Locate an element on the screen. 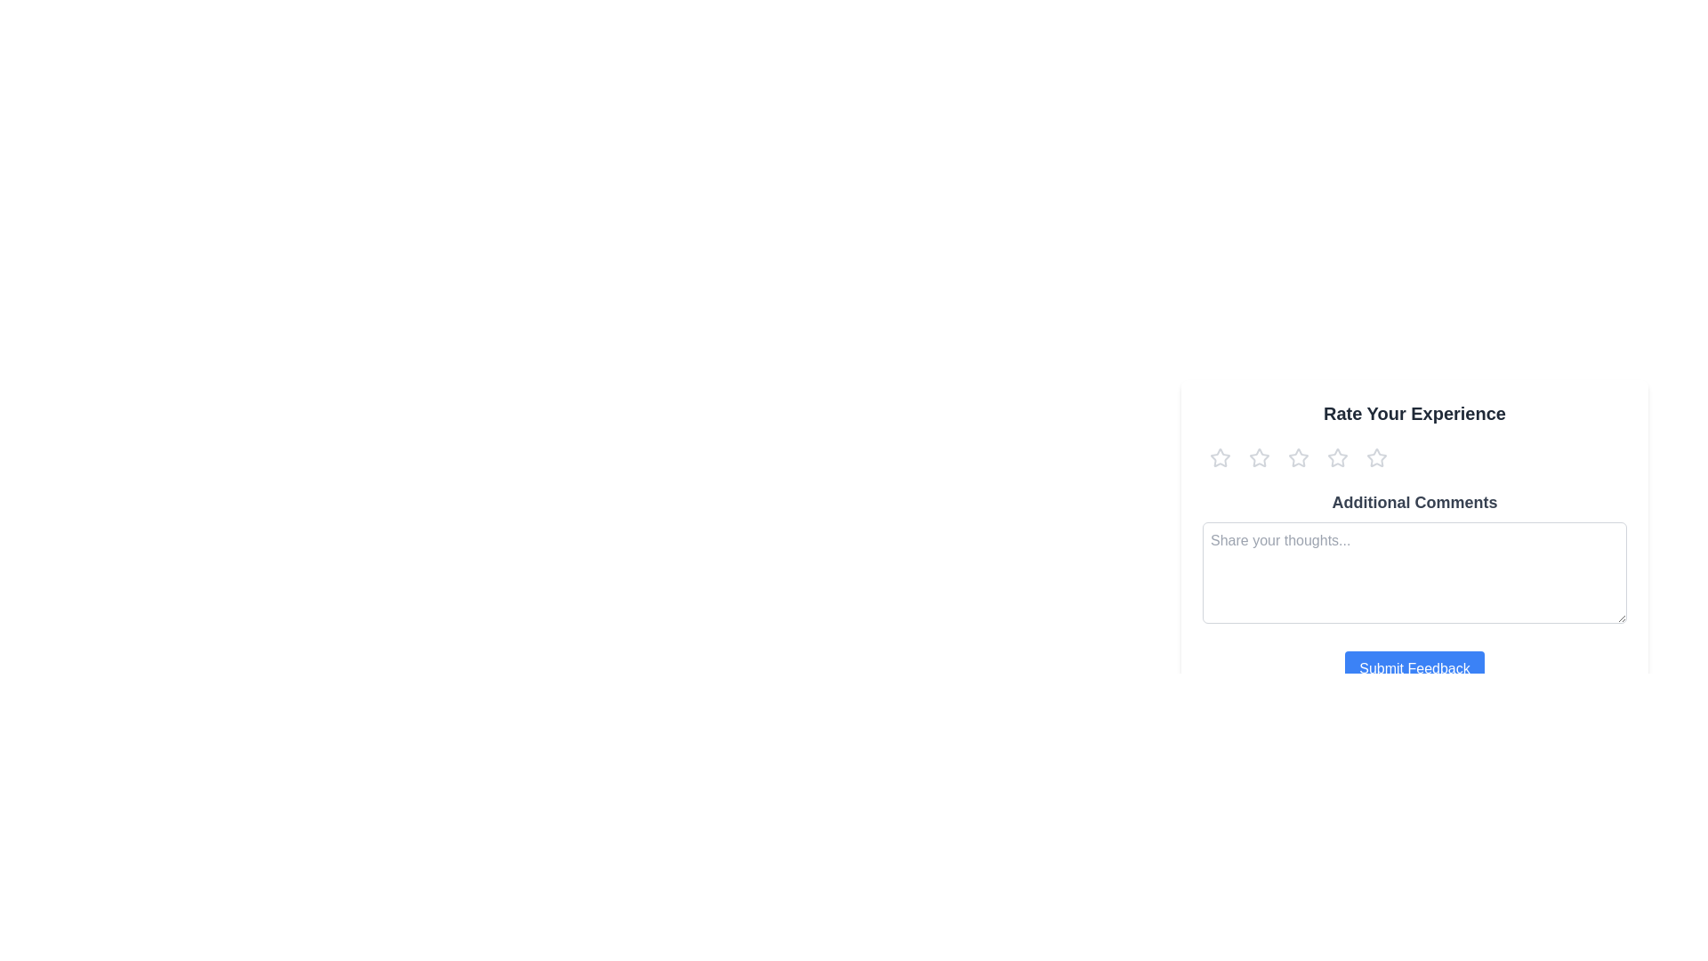 This screenshot has height=961, width=1708. the fifth gray star icon in the row of rating stars is located at coordinates (1376, 457).